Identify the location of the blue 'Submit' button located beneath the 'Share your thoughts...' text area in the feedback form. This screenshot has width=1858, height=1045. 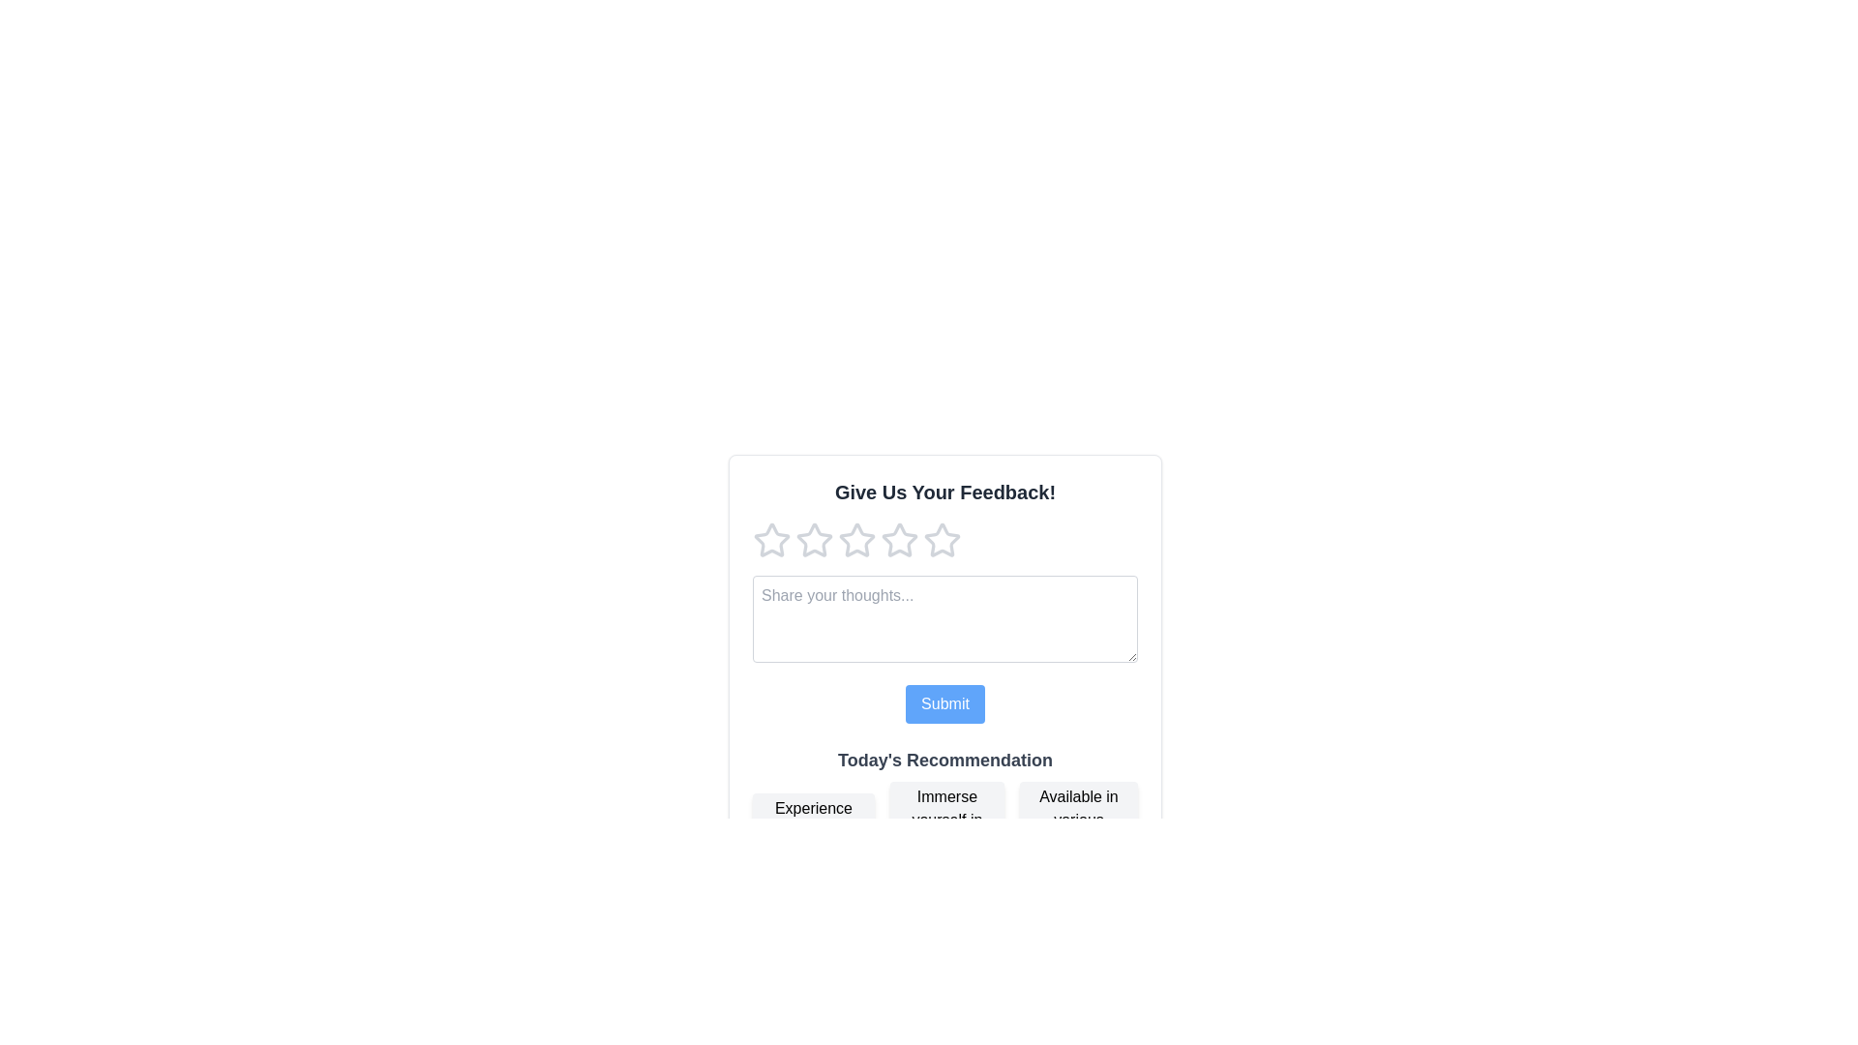
(944, 704).